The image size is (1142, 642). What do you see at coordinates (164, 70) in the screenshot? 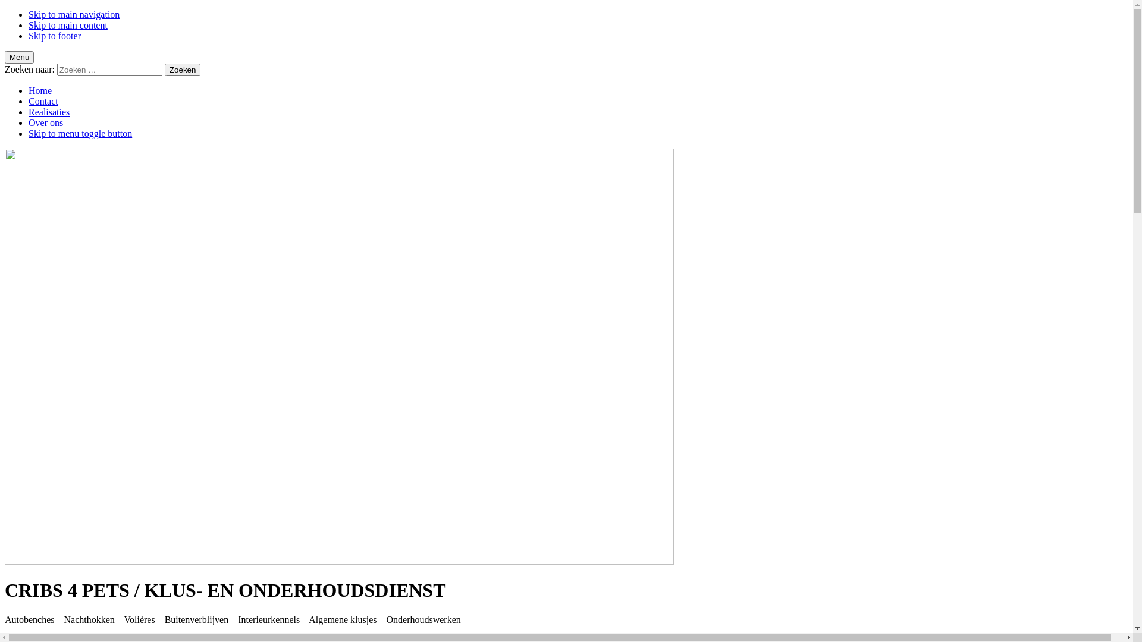
I see `'Zoeken'` at bounding box center [164, 70].